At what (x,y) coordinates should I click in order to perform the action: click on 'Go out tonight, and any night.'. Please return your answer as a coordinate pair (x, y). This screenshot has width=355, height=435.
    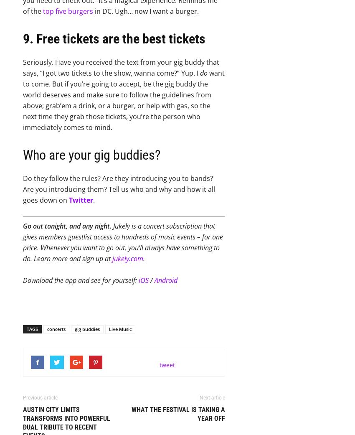
    Looking at the image, I should click on (23, 226).